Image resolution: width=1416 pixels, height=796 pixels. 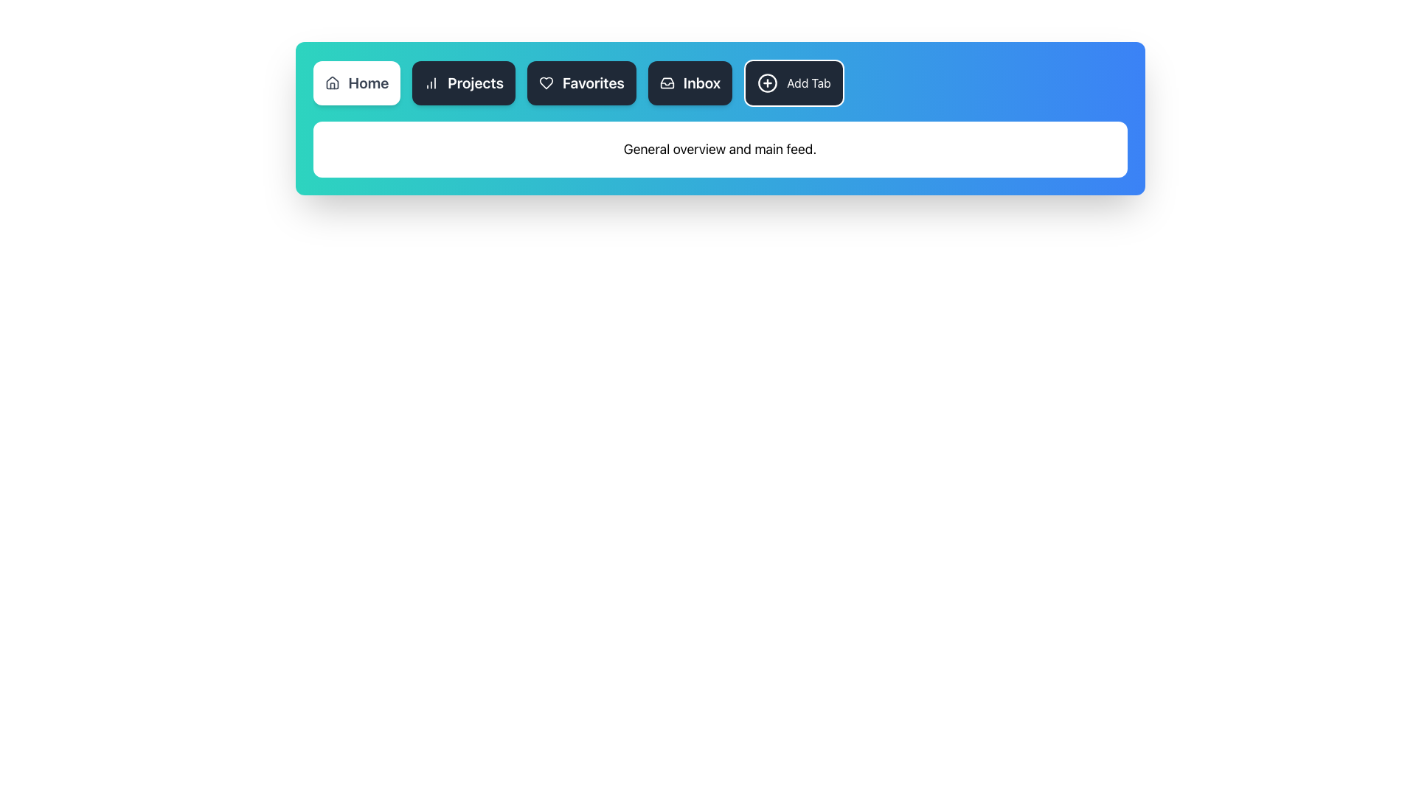 What do you see at coordinates (545, 83) in the screenshot?
I see `the heart-shaped icon located within the Favorites tab, which has a minimalist outline design and is positioned to the left of the 'Favorites' label in the main navigation bar` at bounding box center [545, 83].